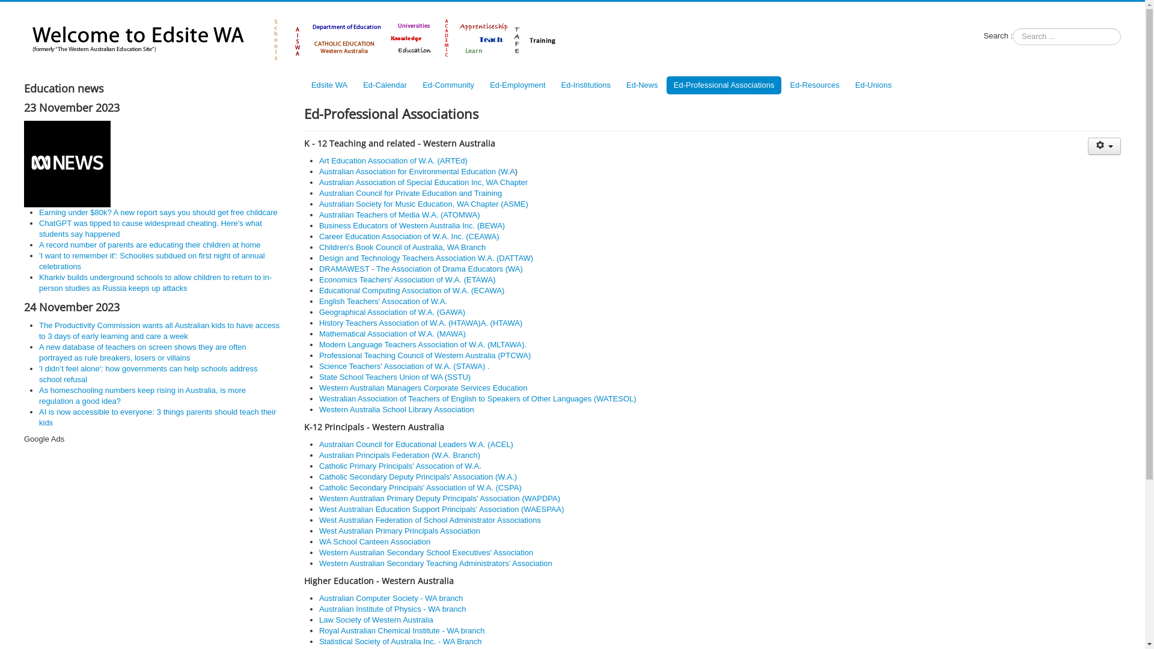  What do you see at coordinates (319, 246) in the screenshot?
I see `'Children's Book Council of Australia, WA Branch'` at bounding box center [319, 246].